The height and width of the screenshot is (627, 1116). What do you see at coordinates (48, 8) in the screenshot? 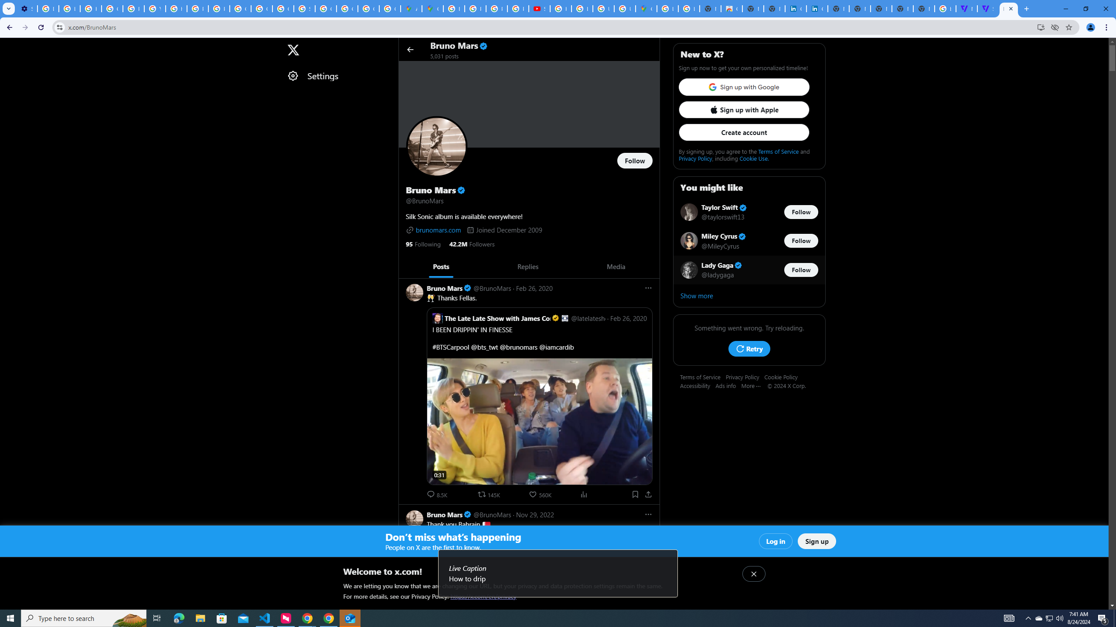
I see `'Delete photos & videos - Computer - Google Photos Help'` at bounding box center [48, 8].